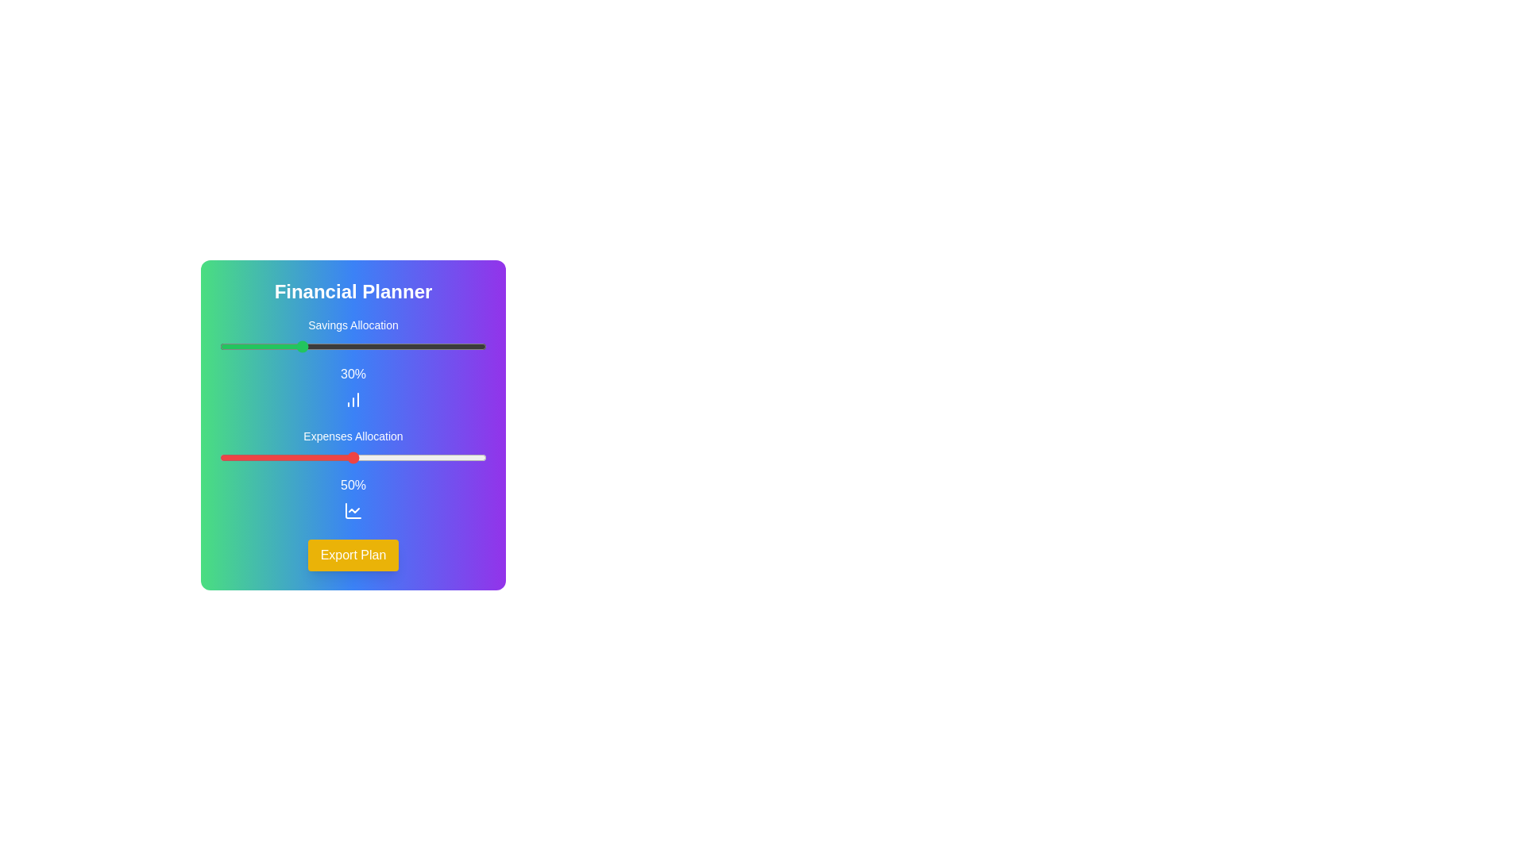 The width and height of the screenshot is (1525, 857). I want to click on the savings allocation slider, so click(262, 345).